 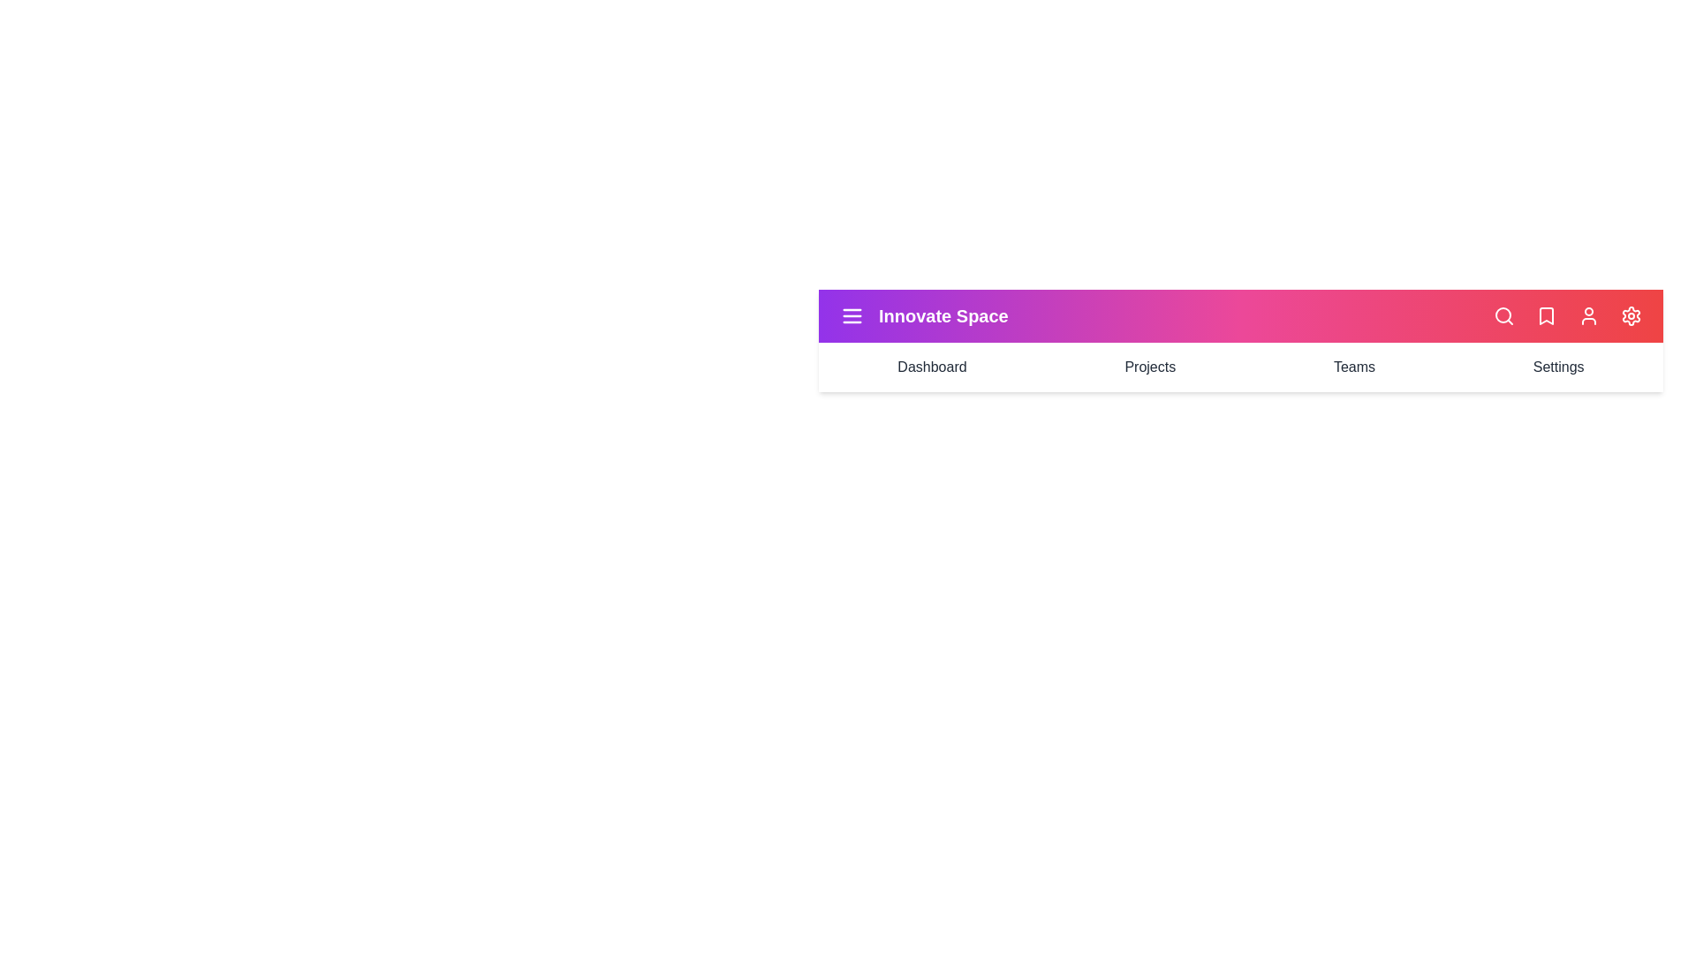 I want to click on the bookmark icon in the StyledAppBar component, so click(x=1546, y=315).